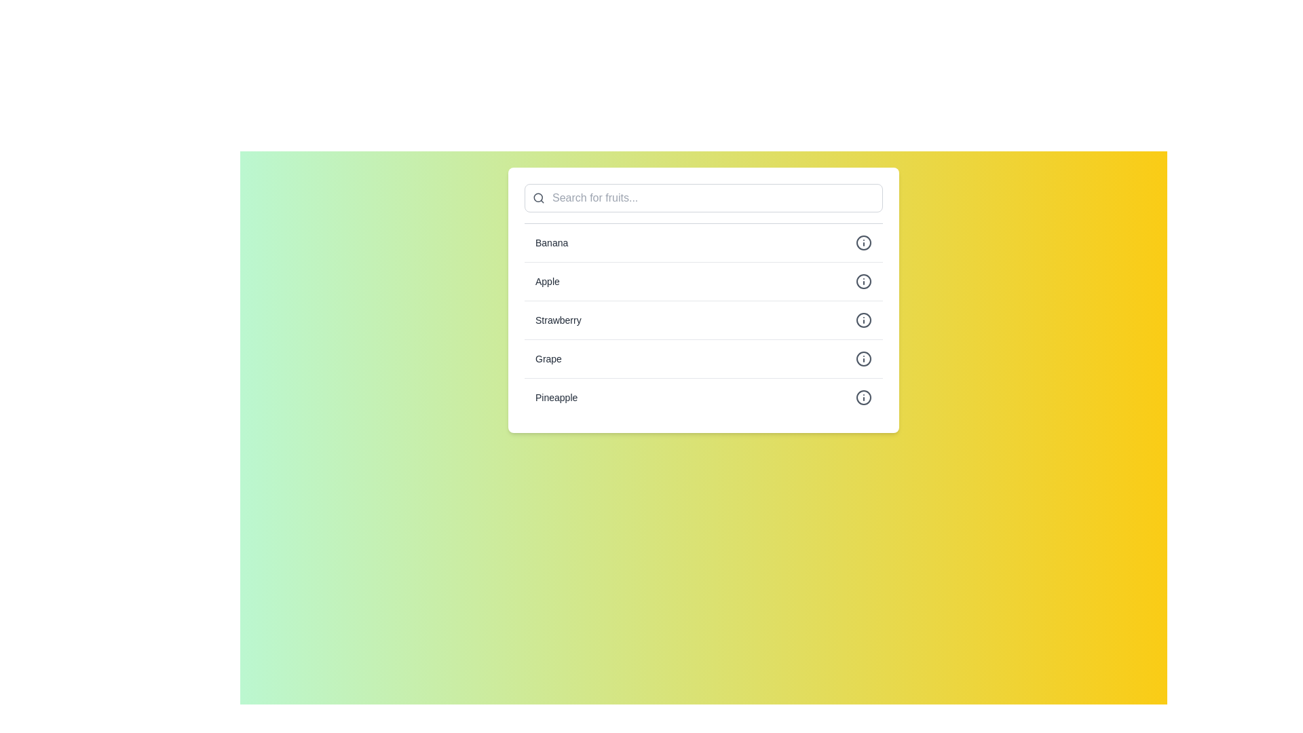 This screenshot has height=733, width=1303. What do you see at coordinates (703, 280) in the screenshot?
I see `the list item titled 'Apple' in the dropdown menu` at bounding box center [703, 280].